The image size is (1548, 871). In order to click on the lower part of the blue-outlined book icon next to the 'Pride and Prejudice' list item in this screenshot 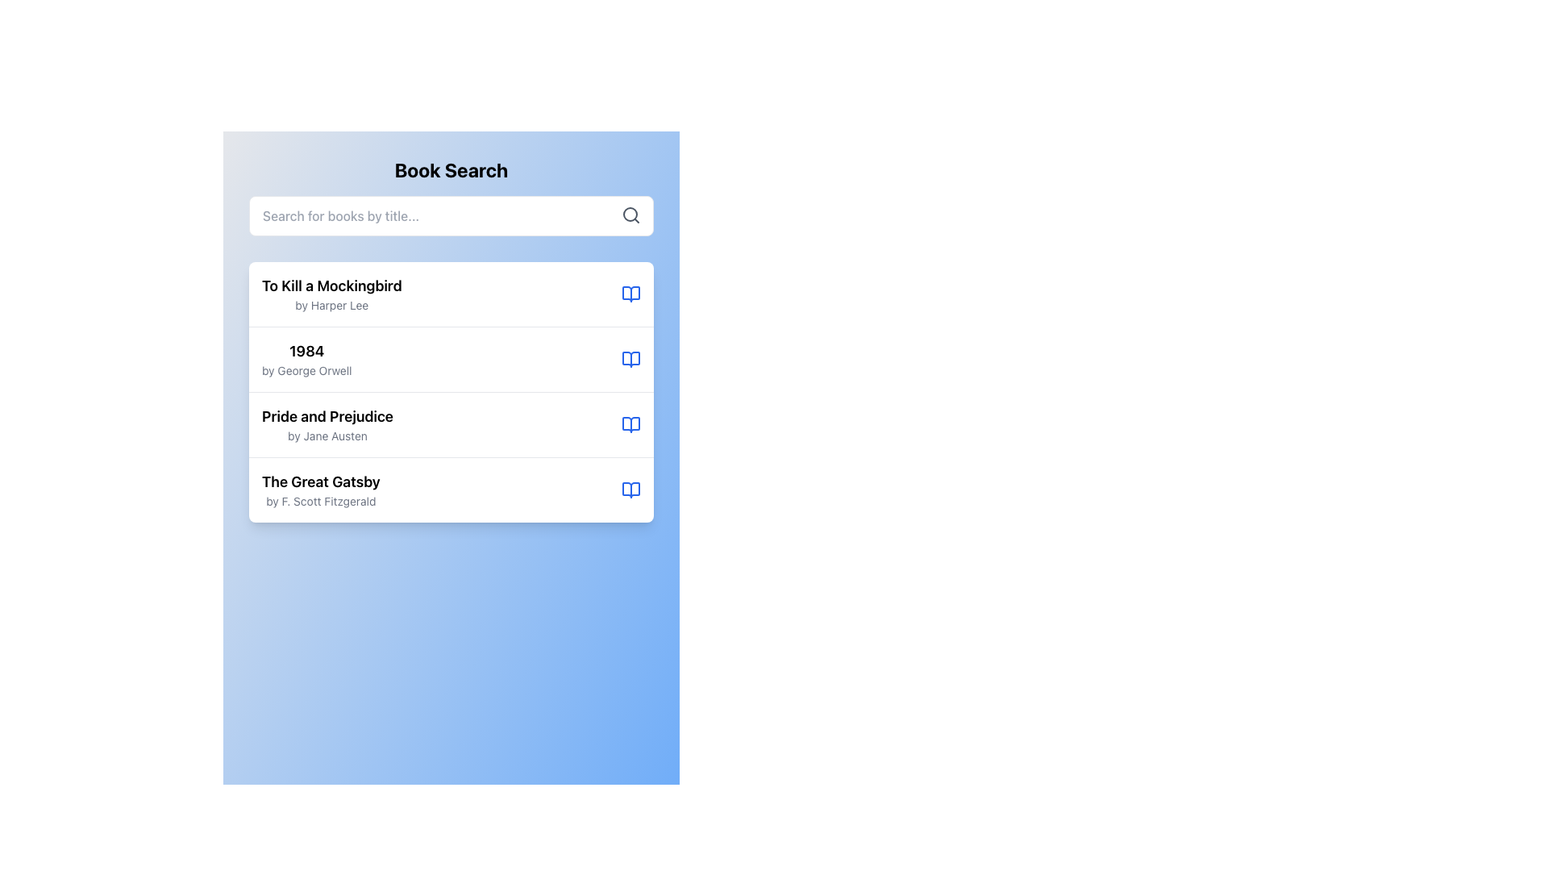, I will do `click(630, 424)`.